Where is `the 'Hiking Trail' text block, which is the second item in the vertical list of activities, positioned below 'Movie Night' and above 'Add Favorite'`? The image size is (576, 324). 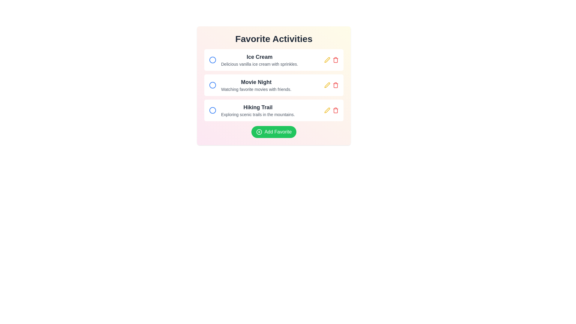 the 'Hiking Trail' text block, which is the second item in the vertical list of activities, positioned below 'Movie Night' and above 'Add Favorite' is located at coordinates (258, 110).